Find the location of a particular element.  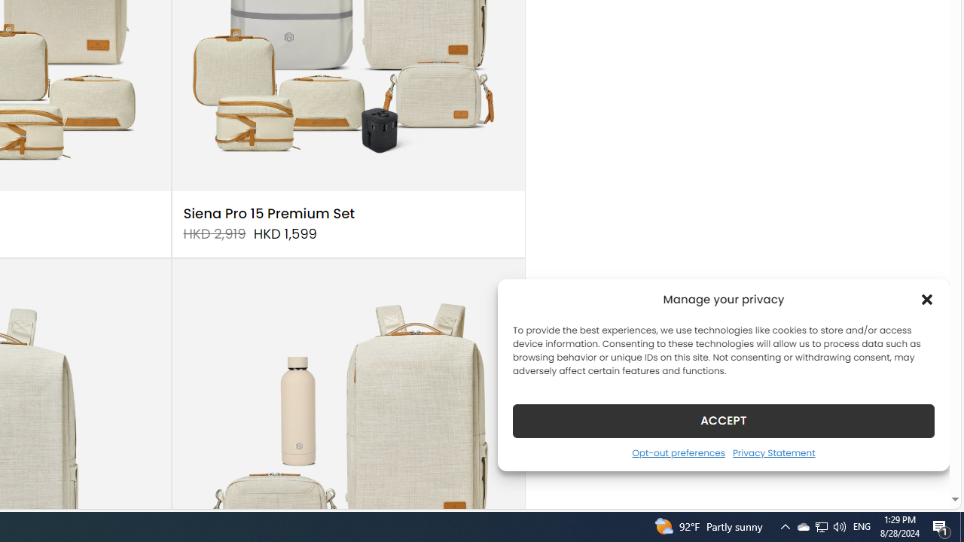

'Privacy Statement' is located at coordinates (773, 452).